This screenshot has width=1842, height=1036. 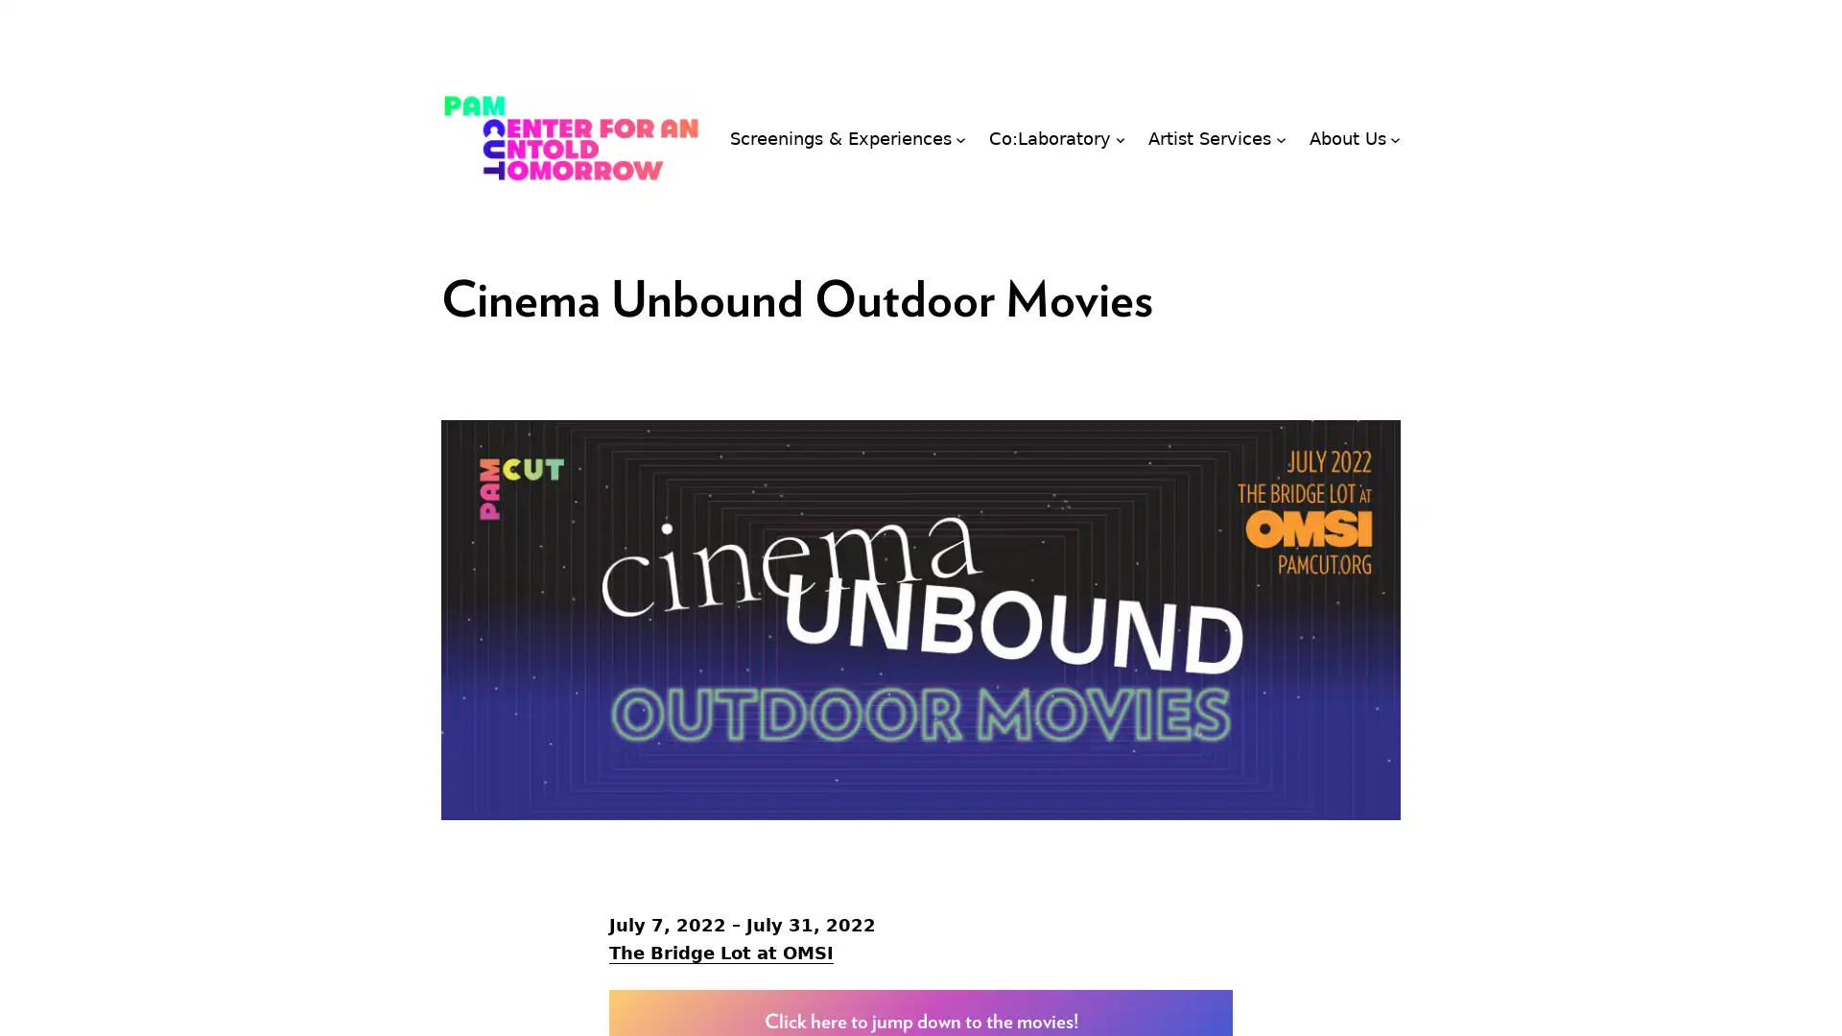 I want to click on Artist Services submenu, so click(x=1280, y=137).